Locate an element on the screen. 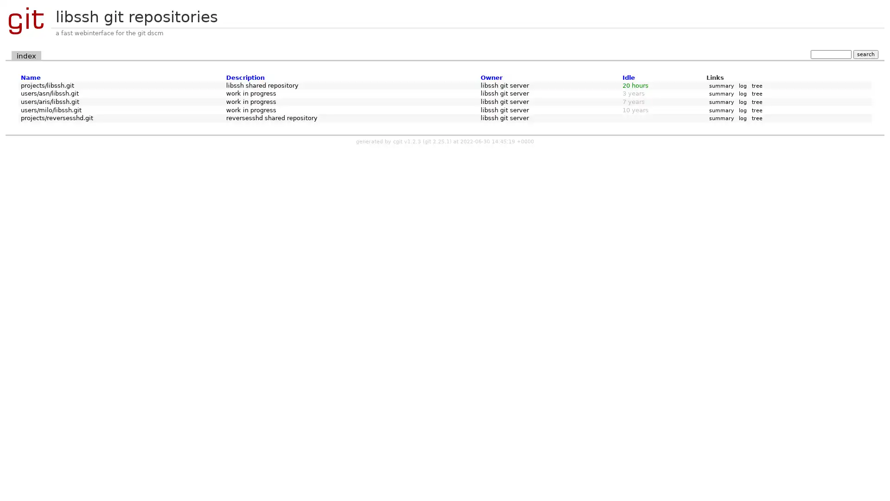  search is located at coordinates (865, 54).